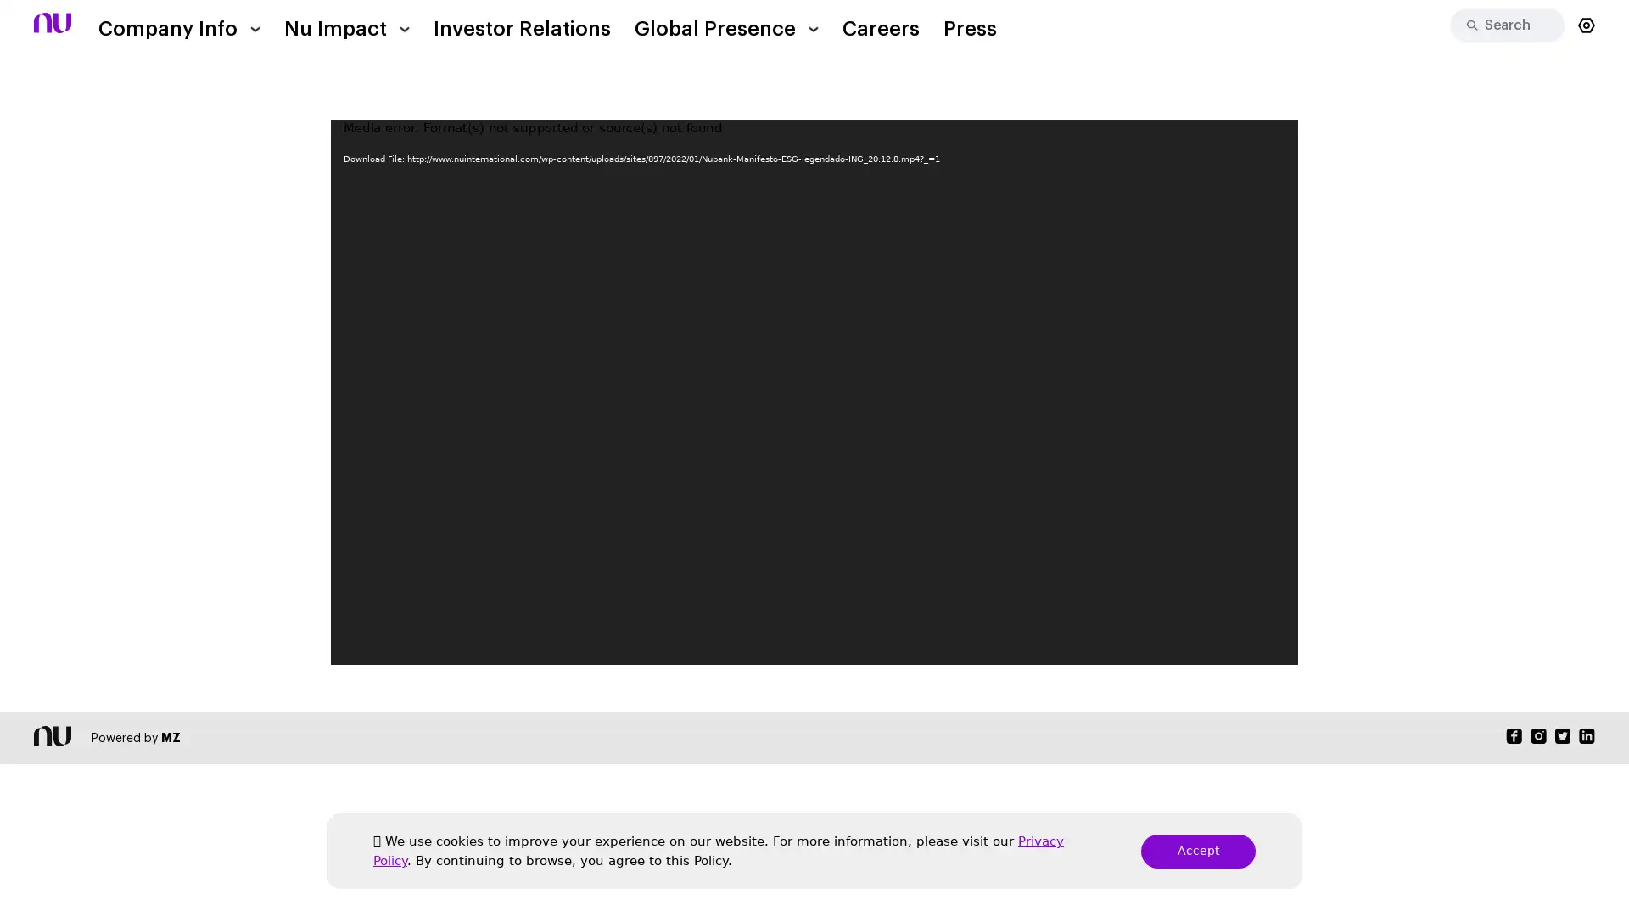 The height and width of the screenshot is (916, 1629). What do you see at coordinates (352, 647) in the screenshot?
I see `Play` at bounding box center [352, 647].